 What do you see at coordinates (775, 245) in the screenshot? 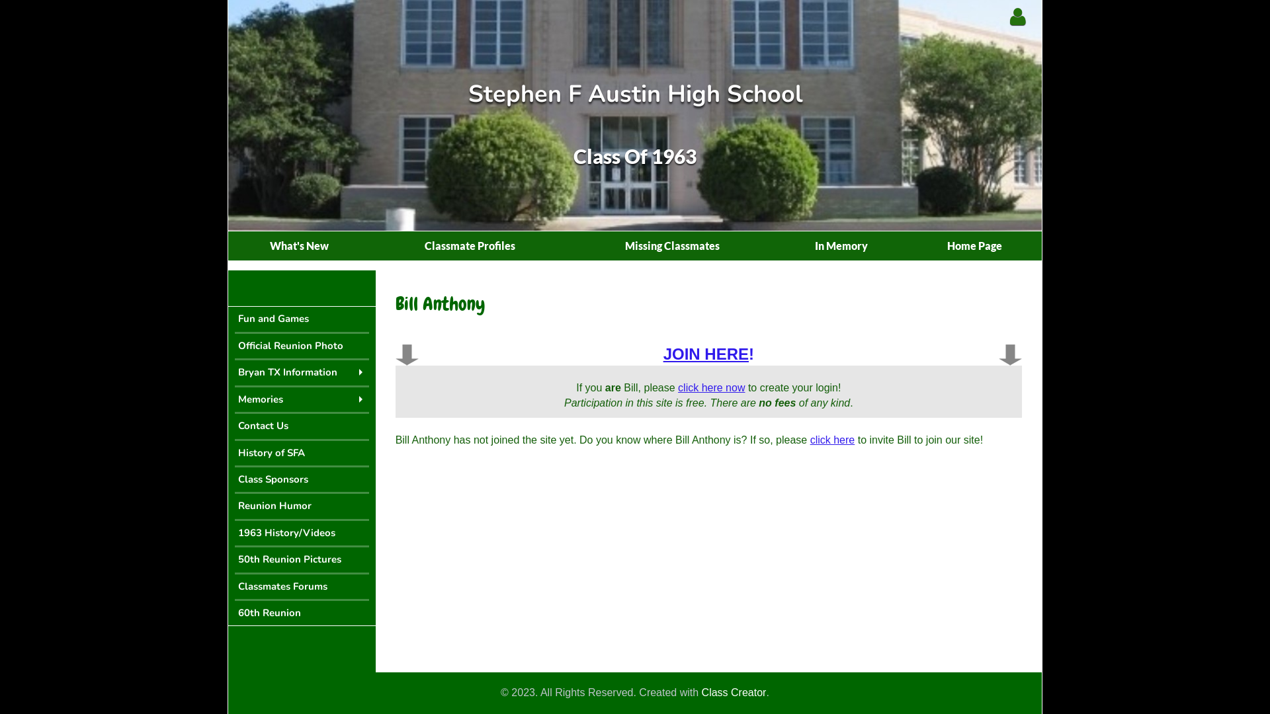
I see `'In Memory'` at bounding box center [775, 245].